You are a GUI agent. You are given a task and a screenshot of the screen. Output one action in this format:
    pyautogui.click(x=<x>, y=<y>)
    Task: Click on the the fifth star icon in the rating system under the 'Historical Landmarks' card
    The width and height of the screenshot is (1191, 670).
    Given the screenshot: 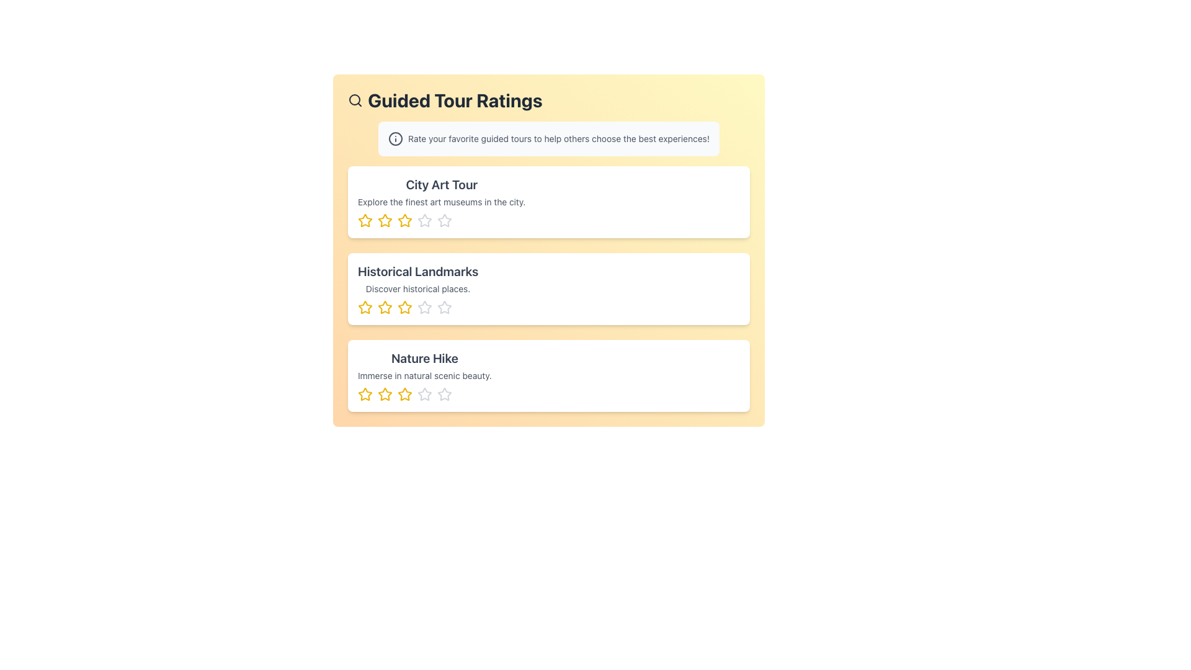 What is the action you would take?
    pyautogui.click(x=444, y=307)
    